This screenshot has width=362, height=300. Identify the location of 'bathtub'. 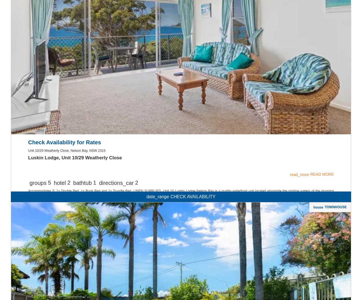
(82, 254).